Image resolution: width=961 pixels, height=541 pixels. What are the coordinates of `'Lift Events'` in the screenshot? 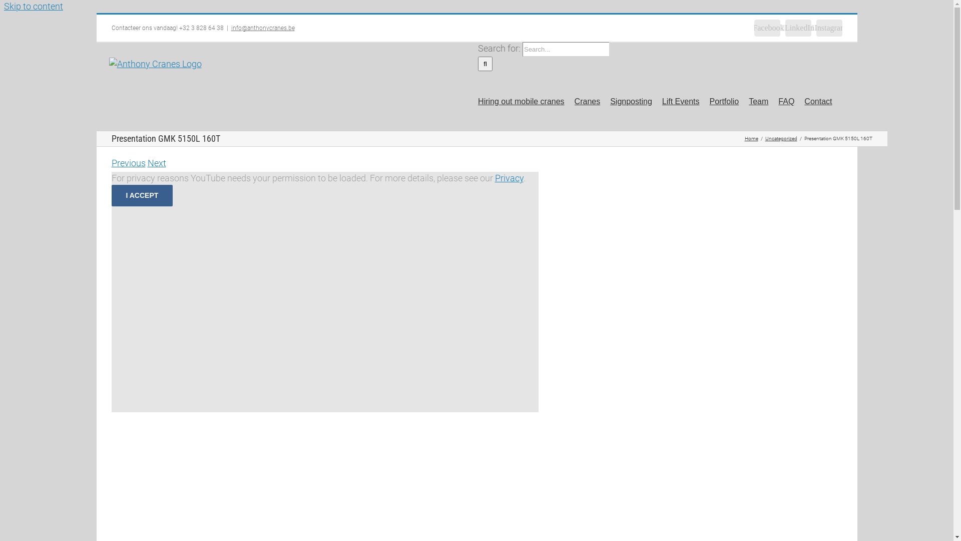 It's located at (681, 101).